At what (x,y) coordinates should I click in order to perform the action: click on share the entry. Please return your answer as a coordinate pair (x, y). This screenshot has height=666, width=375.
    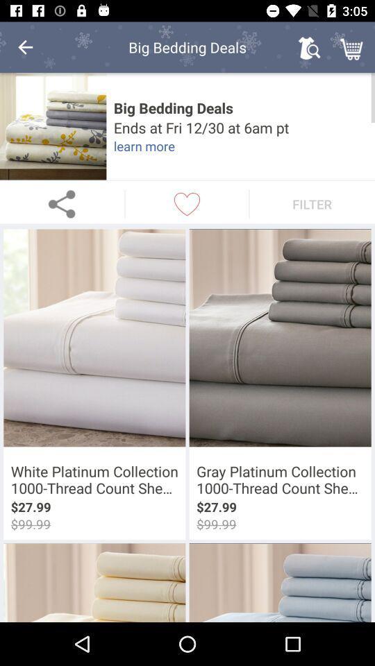
    Looking at the image, I should click on (61, 203).